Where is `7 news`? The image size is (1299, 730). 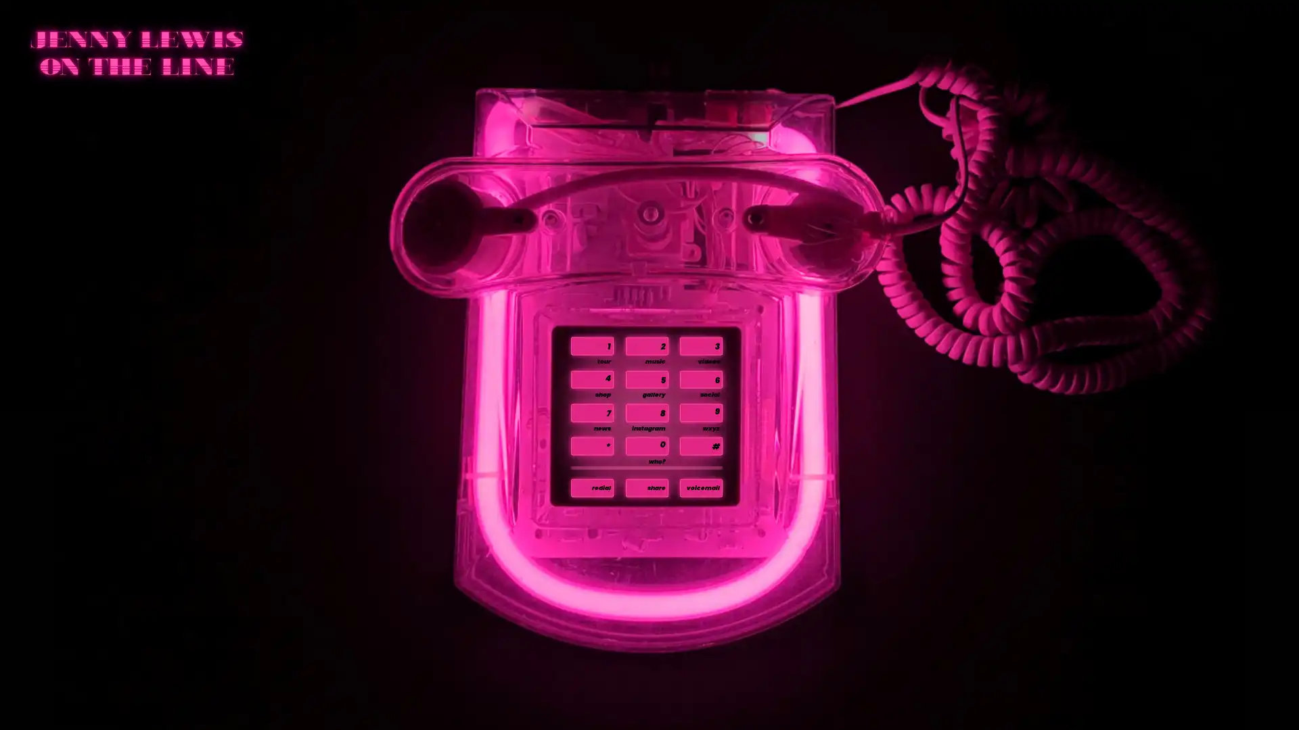 7 news is located at coordinates (592, 412).